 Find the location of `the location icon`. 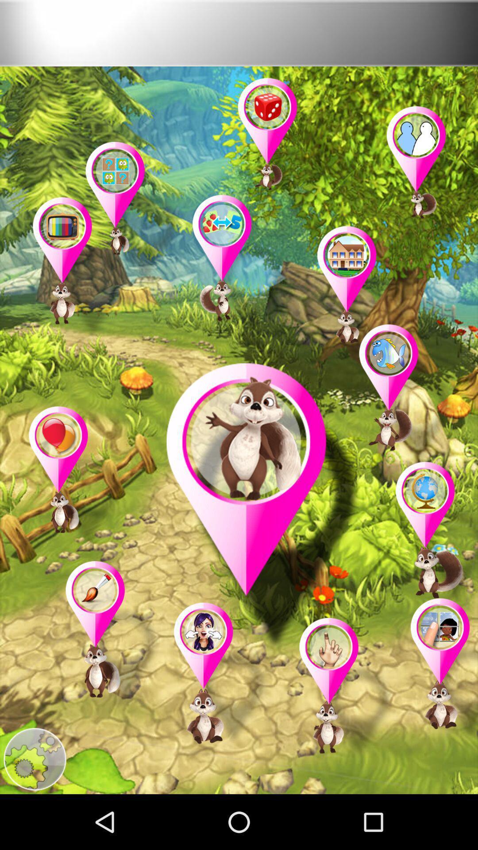

the location icon is located at coordinates (432, 572).